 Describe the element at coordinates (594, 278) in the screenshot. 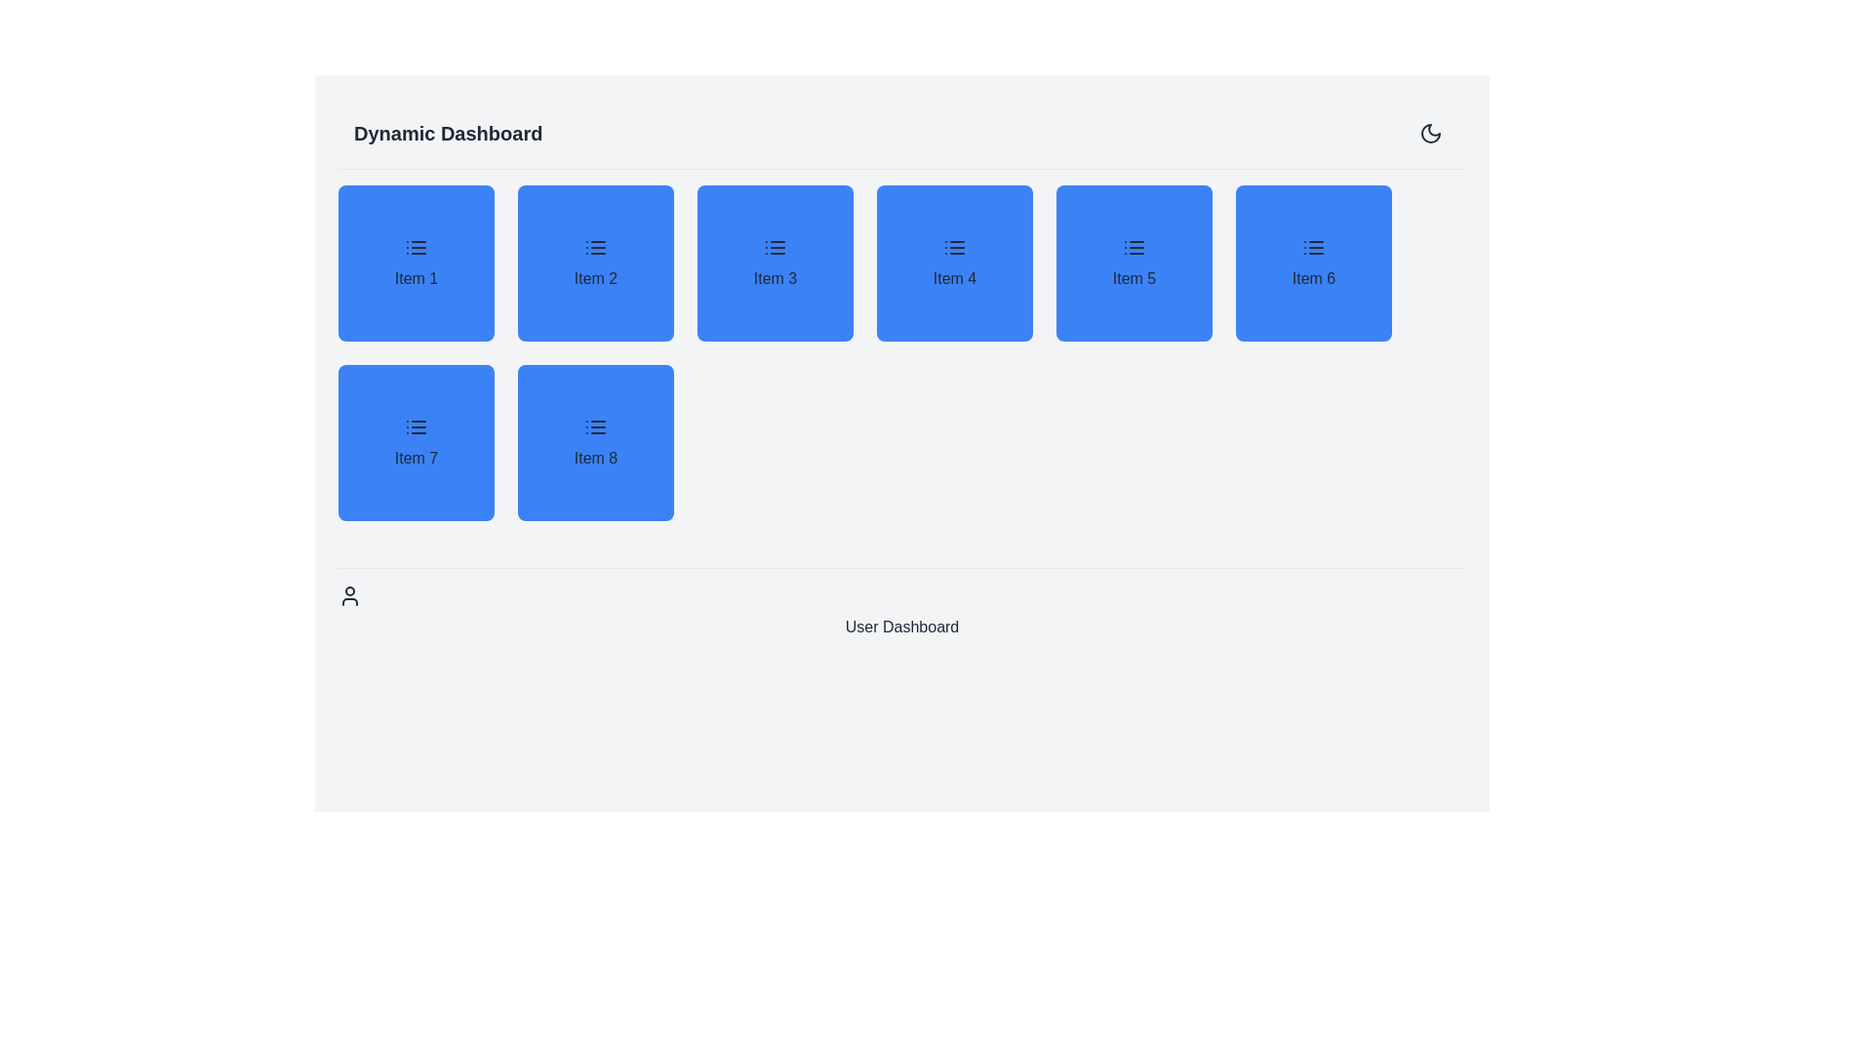

I see `the Static Text Label displaying 'Item 2' within the second blue tile in the top row of the dashboard interface` at that location.